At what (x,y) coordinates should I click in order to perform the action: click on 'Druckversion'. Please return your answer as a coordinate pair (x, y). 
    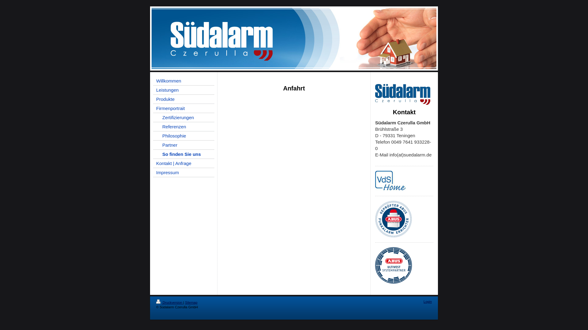
    Looking at the image, I should click on (169, 302).